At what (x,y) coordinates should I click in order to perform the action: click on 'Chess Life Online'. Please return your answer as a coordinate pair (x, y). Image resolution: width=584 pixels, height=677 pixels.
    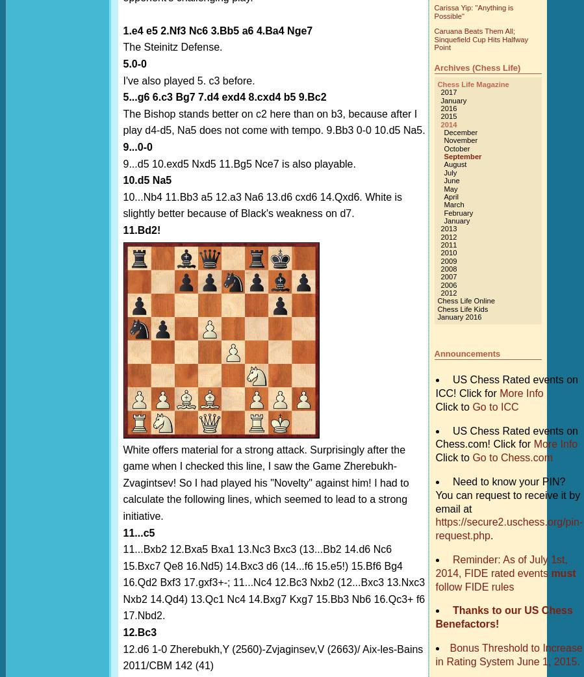
    Looking at the image, I should click on (465, 300).